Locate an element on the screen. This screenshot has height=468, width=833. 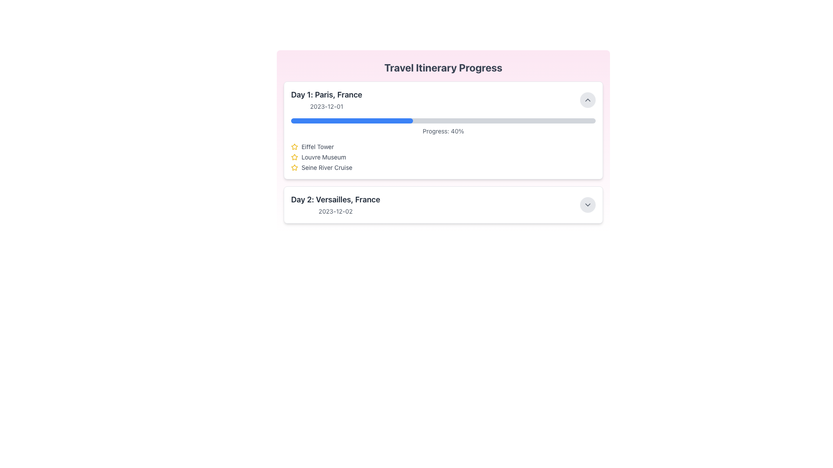
the text block displaying 'Day 2: Versailles, France' and the date '2023-12-02', which is the second item in the 'Travel Itinerary Progress' section is located at coordinates (335, 205).